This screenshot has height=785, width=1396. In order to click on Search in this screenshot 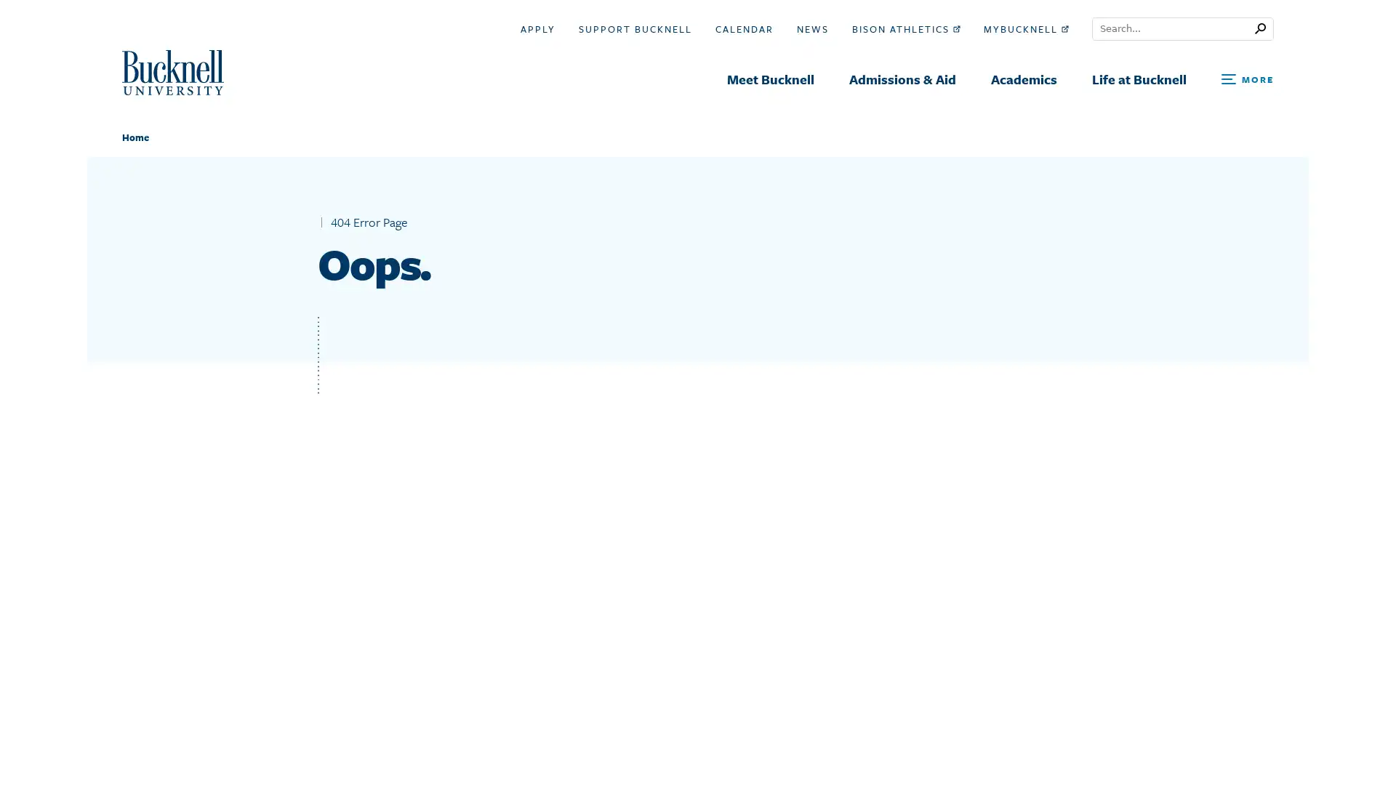, I will do `click(906, 764)`.